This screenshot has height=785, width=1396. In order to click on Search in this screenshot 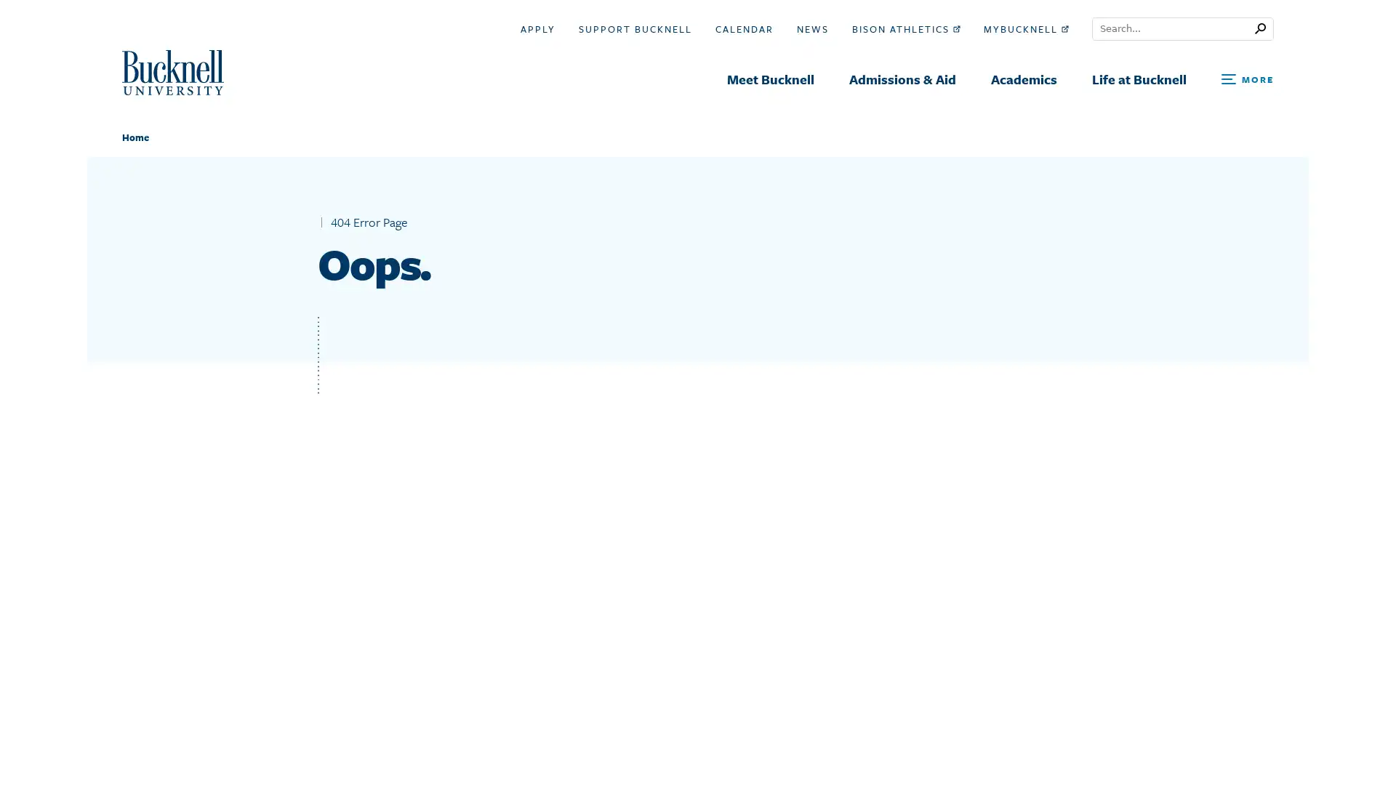, I will do `click(906, 764)`.